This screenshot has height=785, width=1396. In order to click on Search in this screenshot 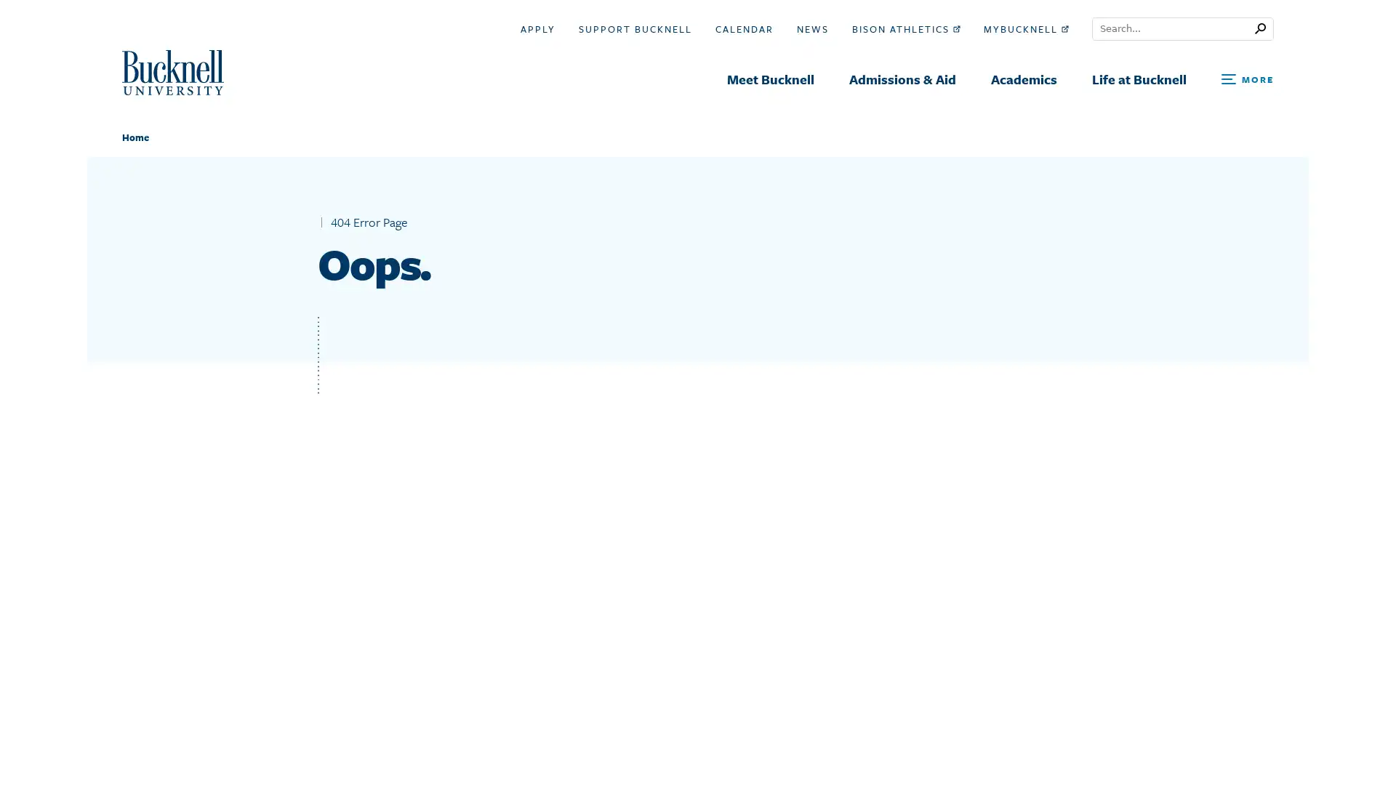, I will do `click(906, 764)`.